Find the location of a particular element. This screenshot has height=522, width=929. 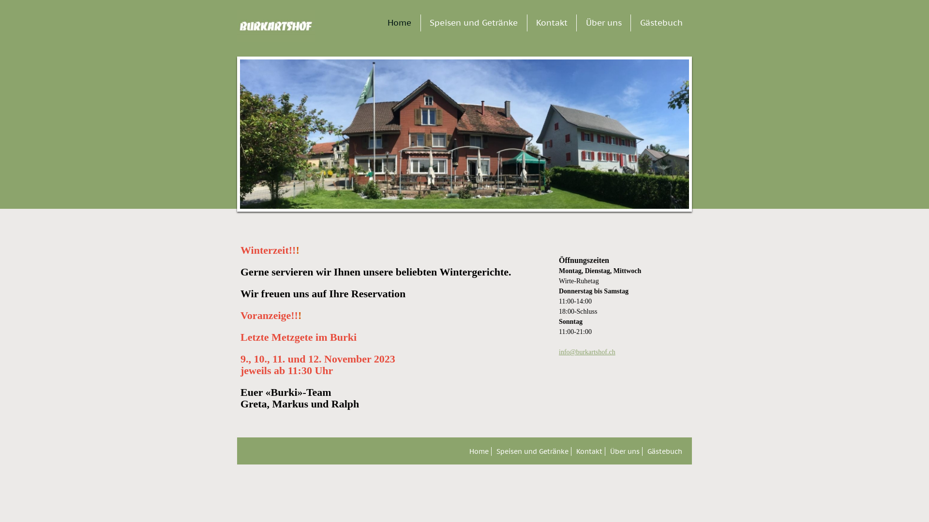

'info@burkartshof.ch' is located at coordinates (586, 352).